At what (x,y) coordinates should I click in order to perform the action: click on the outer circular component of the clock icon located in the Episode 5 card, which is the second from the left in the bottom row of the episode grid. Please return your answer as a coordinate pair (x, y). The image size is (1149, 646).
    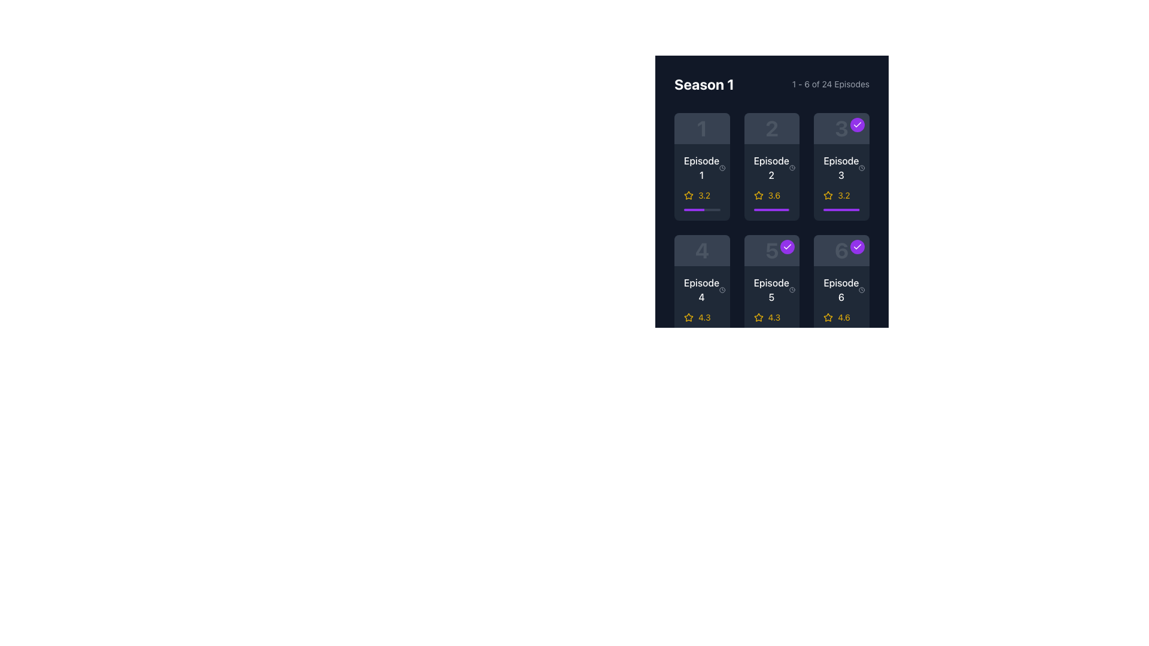
    Looking at the image, I should click on (792, 290).